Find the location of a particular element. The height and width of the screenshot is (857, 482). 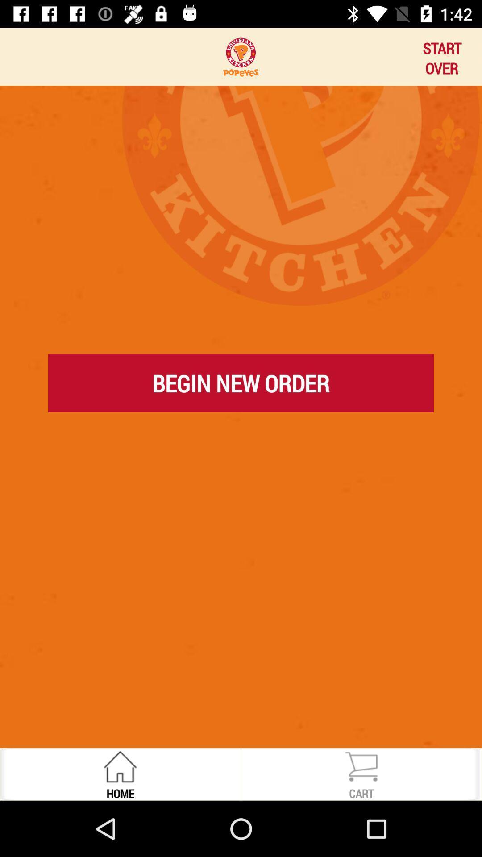

the home icon is located at coordinates (120, 793).